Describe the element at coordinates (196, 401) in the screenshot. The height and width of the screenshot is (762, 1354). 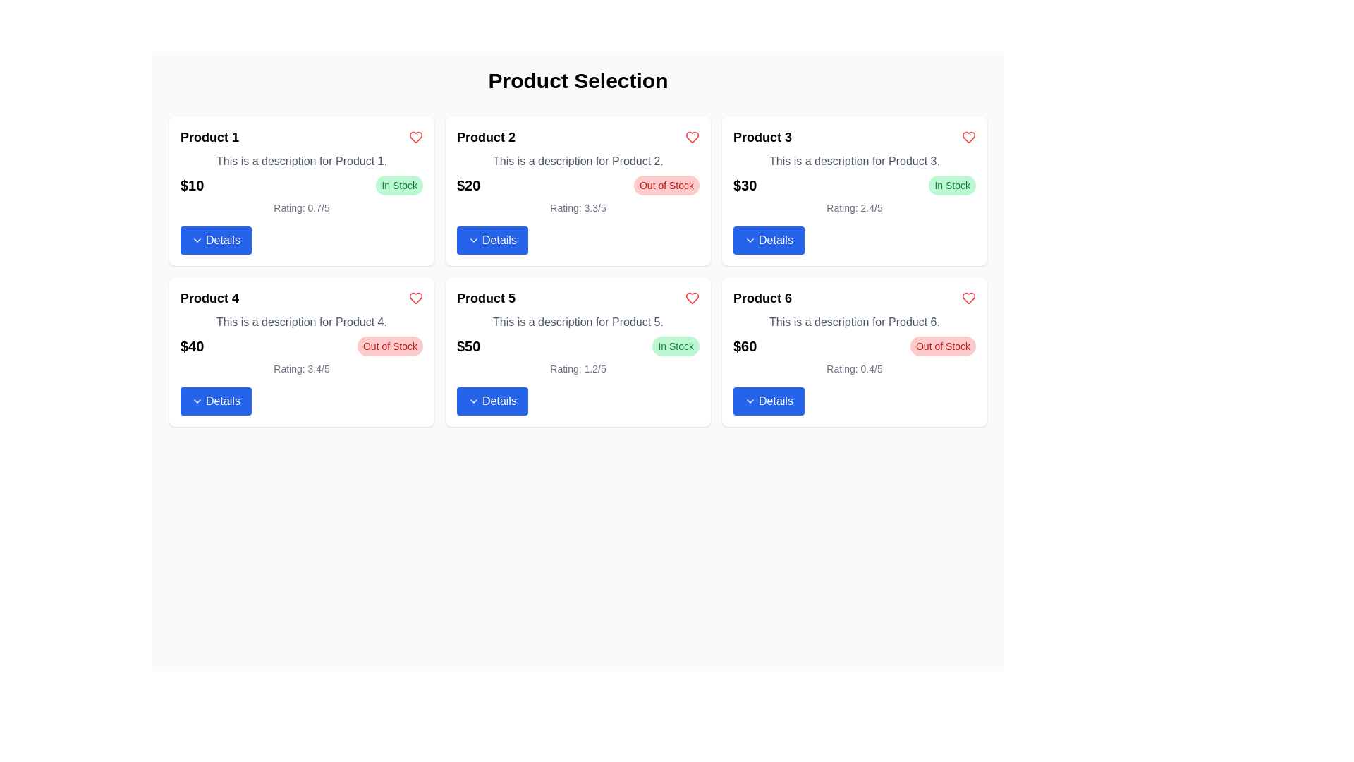
I see `the chevron icon located in the 'Details' button of the 'Product 4' card` at that location.